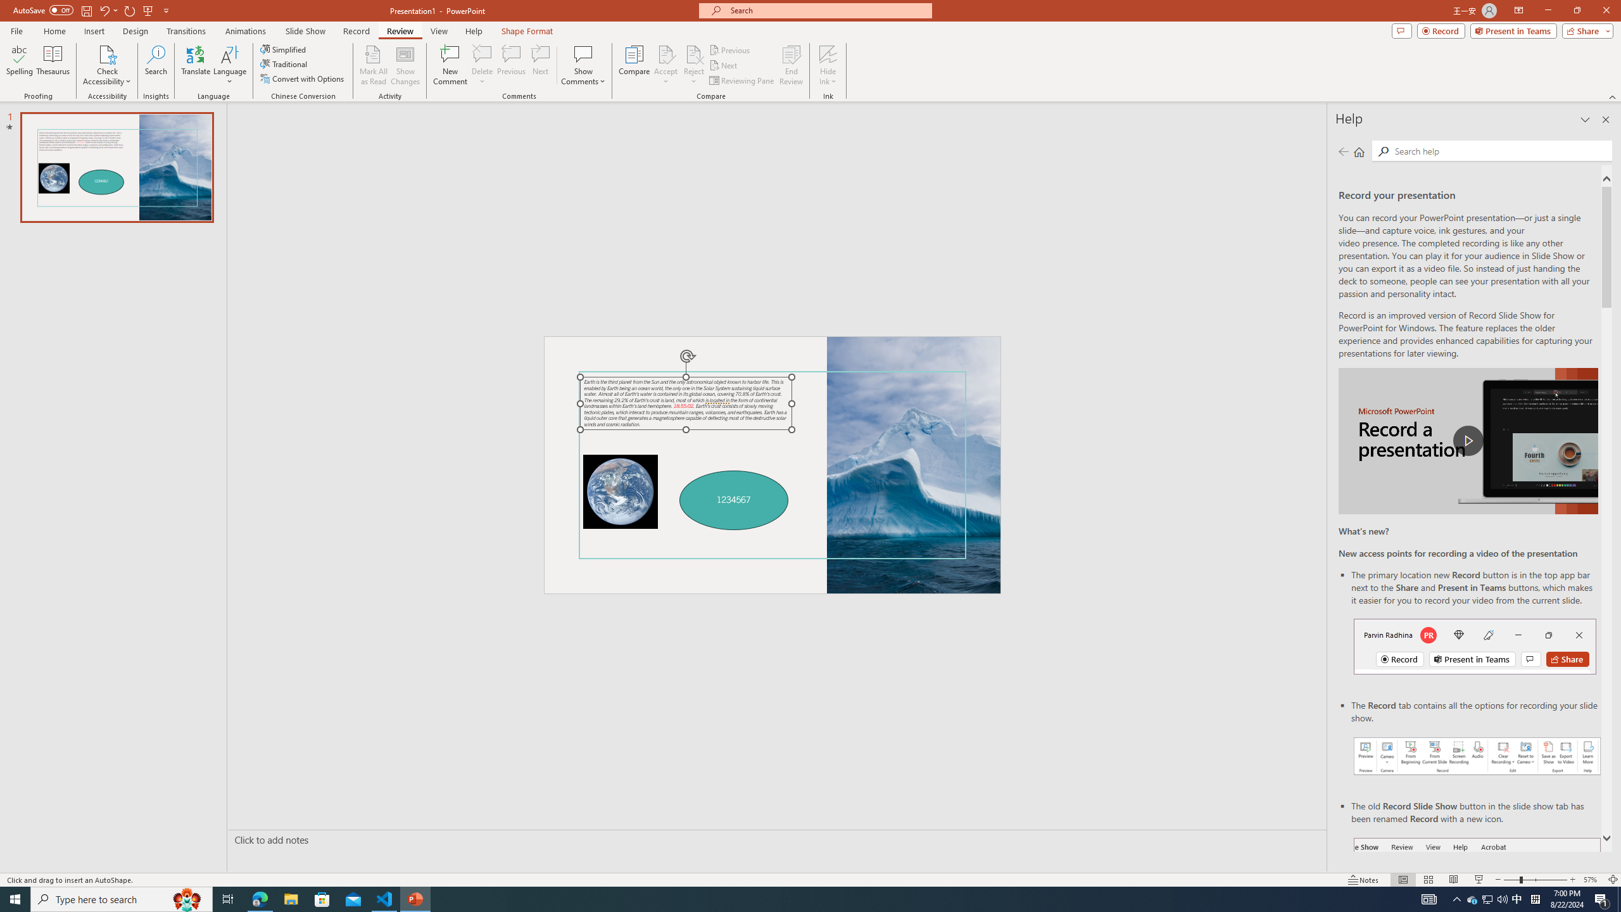  I want to click on 'Language', so click(229, 65).